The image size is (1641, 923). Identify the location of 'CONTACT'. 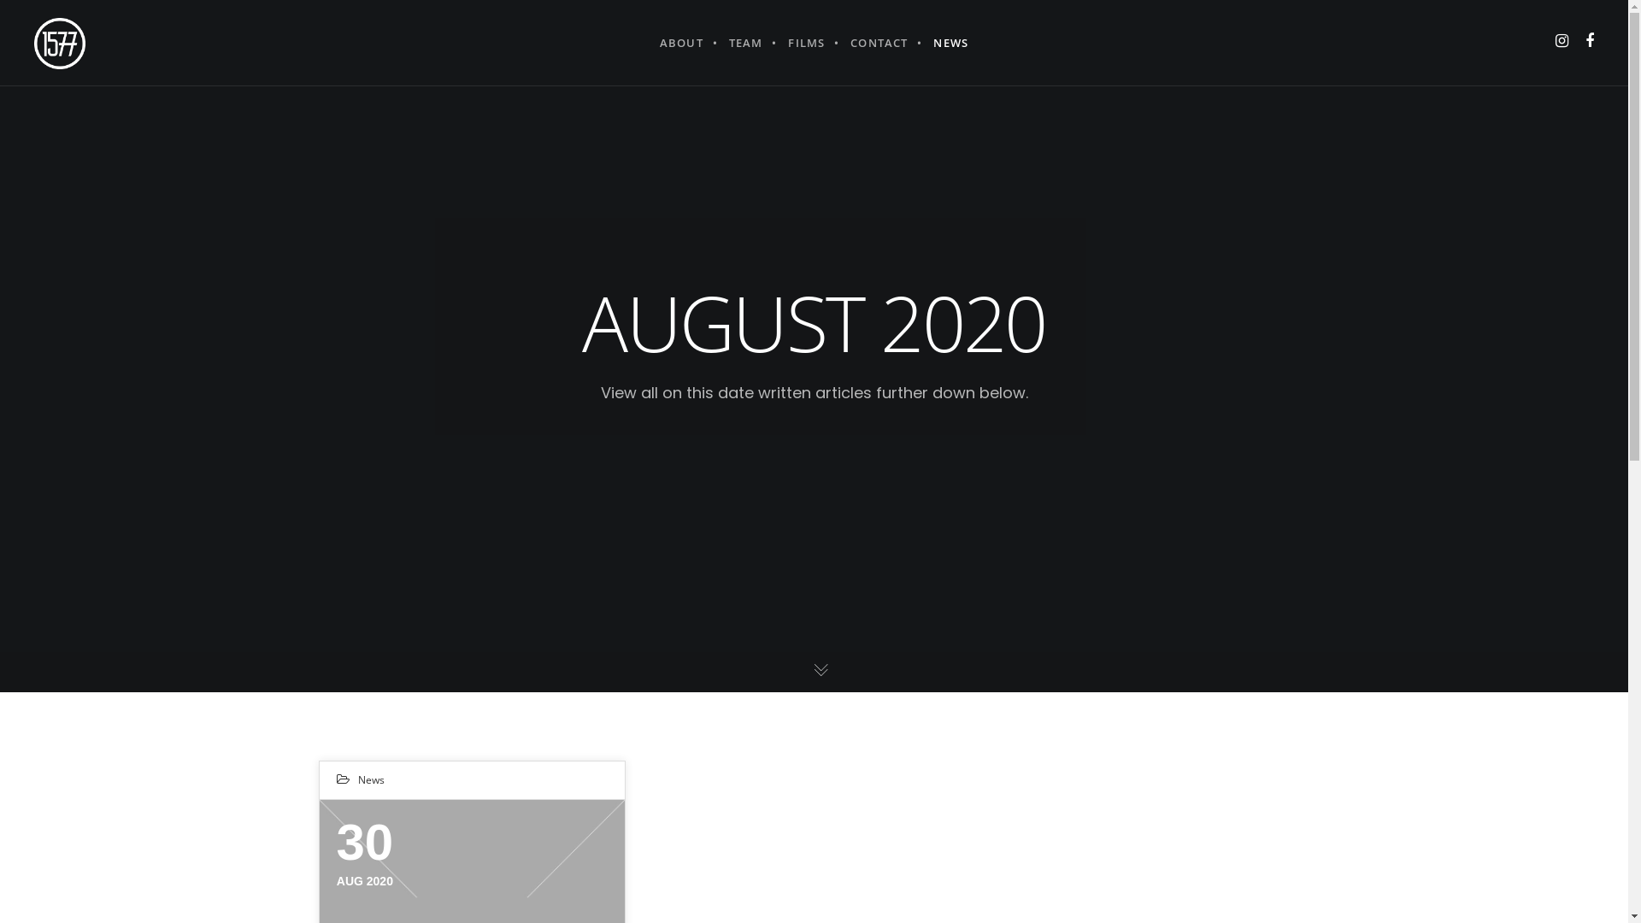
(879, 42).